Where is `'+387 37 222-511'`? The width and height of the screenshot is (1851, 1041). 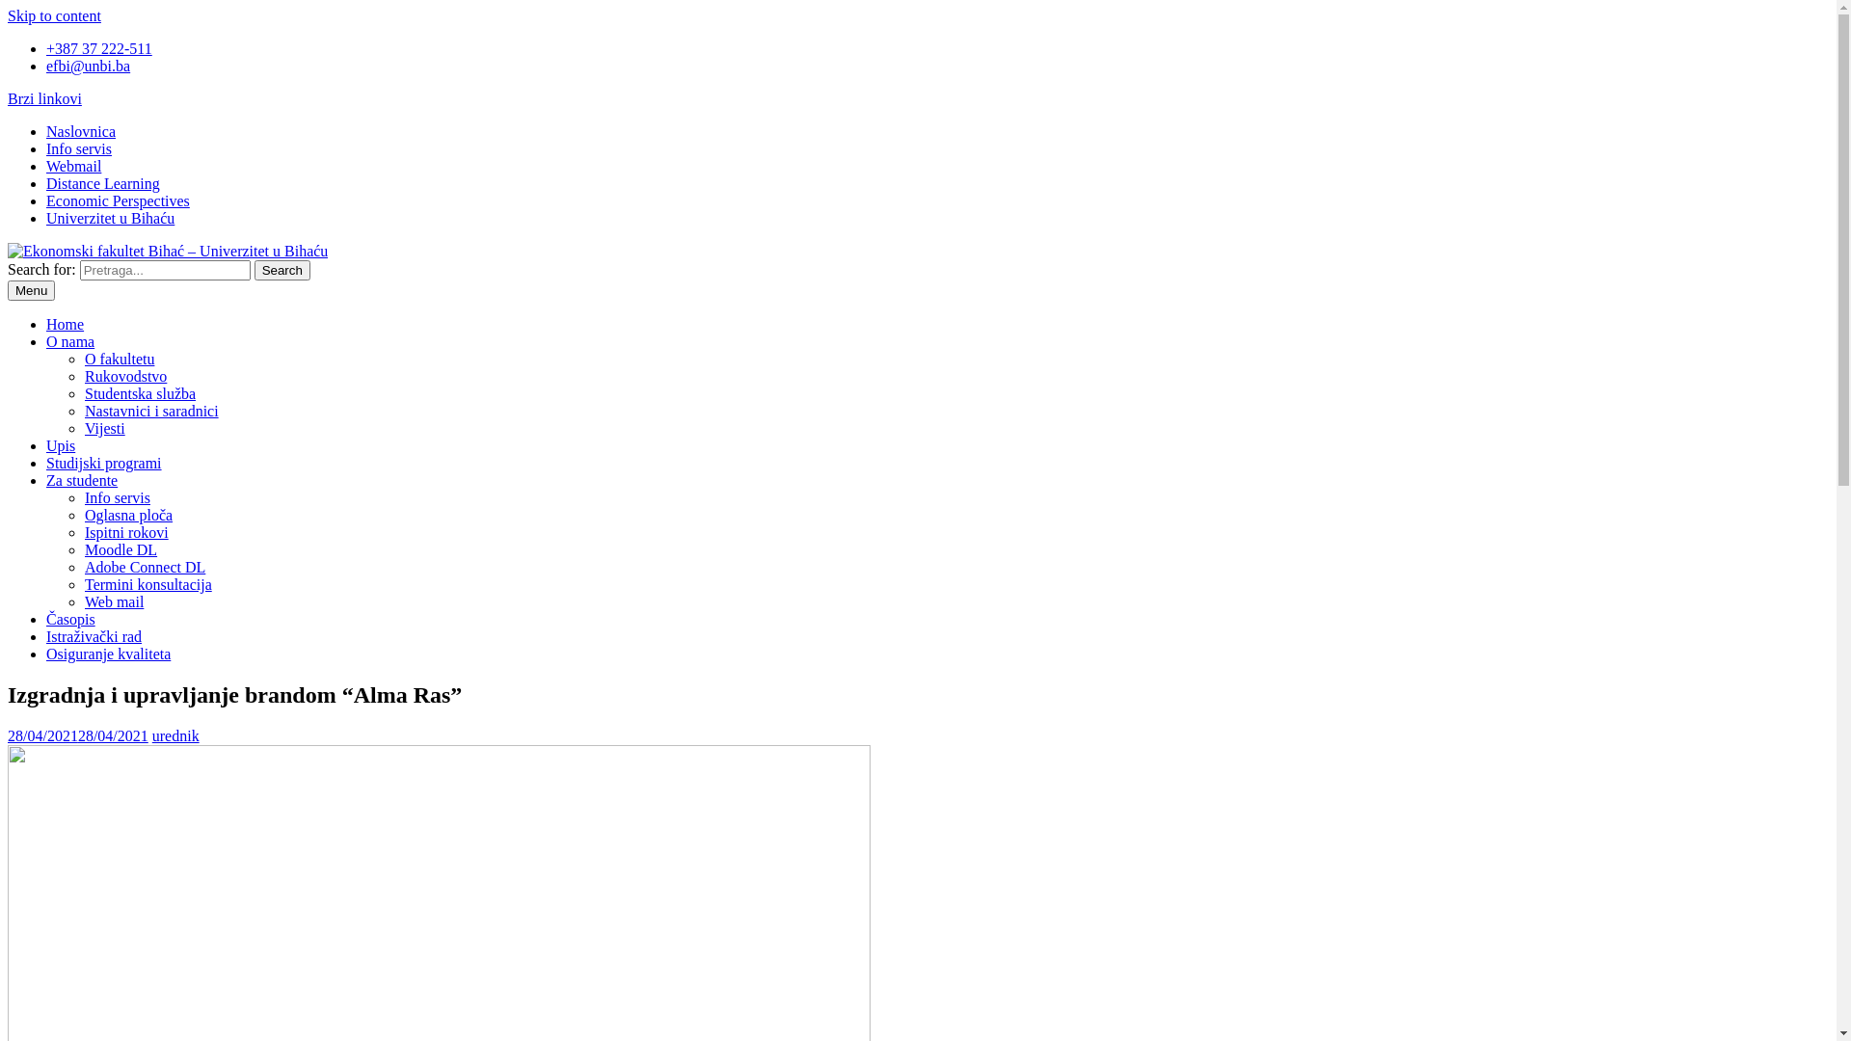
'+387 37 222-511' is located at coordinates (46, 47).